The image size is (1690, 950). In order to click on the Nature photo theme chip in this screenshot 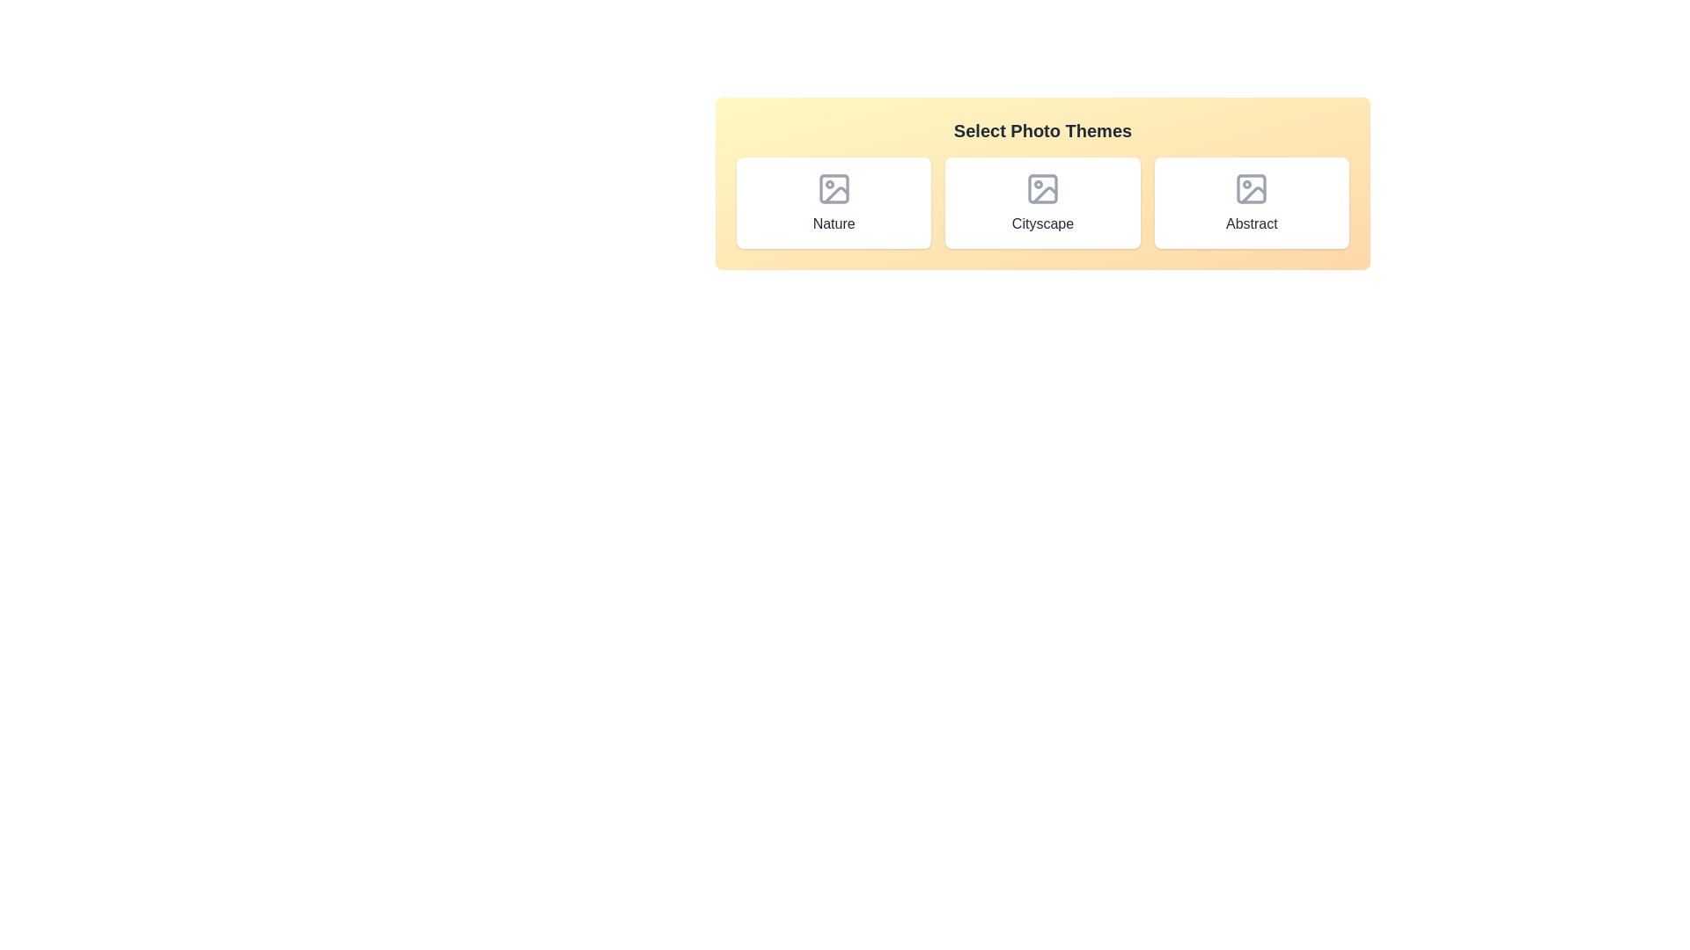, I will do `click(832, 202)`.